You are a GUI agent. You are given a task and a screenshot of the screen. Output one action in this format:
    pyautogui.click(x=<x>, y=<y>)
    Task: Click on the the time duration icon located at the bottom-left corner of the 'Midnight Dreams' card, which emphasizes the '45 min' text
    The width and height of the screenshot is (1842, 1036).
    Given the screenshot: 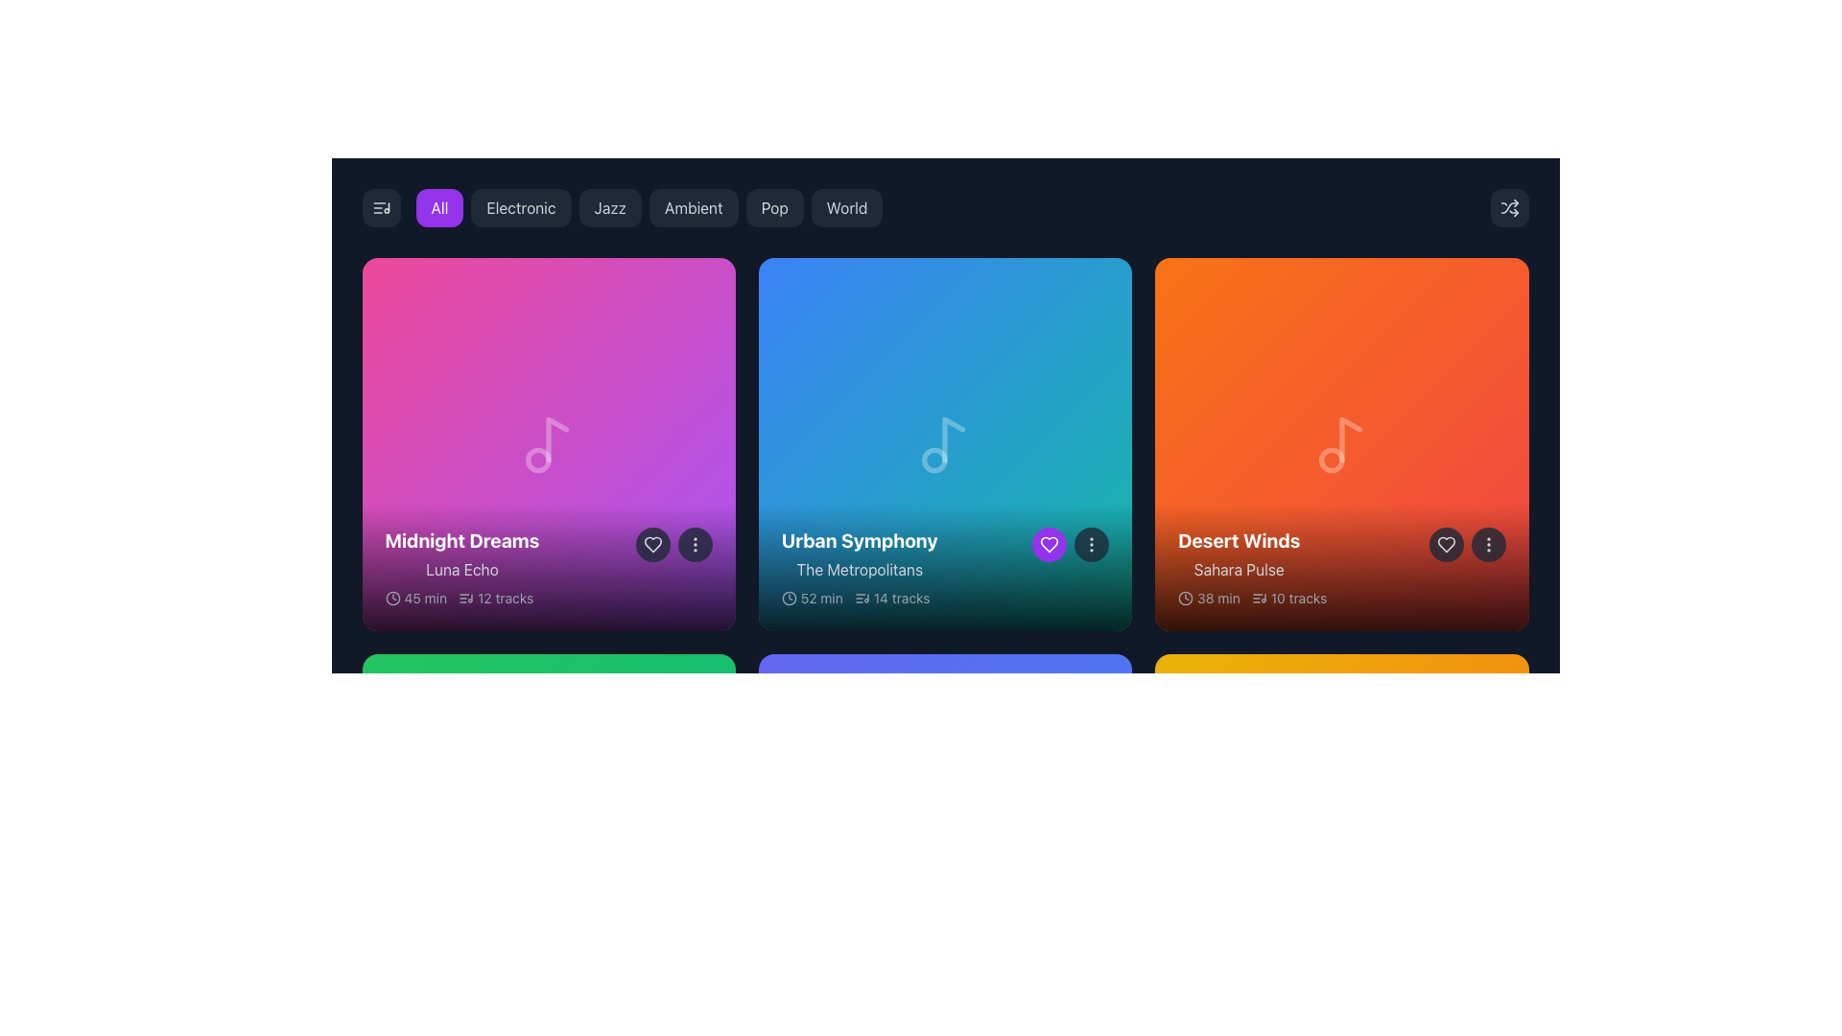 What is the action you would take?
    pyautogui.click(x=391, y=598)
    